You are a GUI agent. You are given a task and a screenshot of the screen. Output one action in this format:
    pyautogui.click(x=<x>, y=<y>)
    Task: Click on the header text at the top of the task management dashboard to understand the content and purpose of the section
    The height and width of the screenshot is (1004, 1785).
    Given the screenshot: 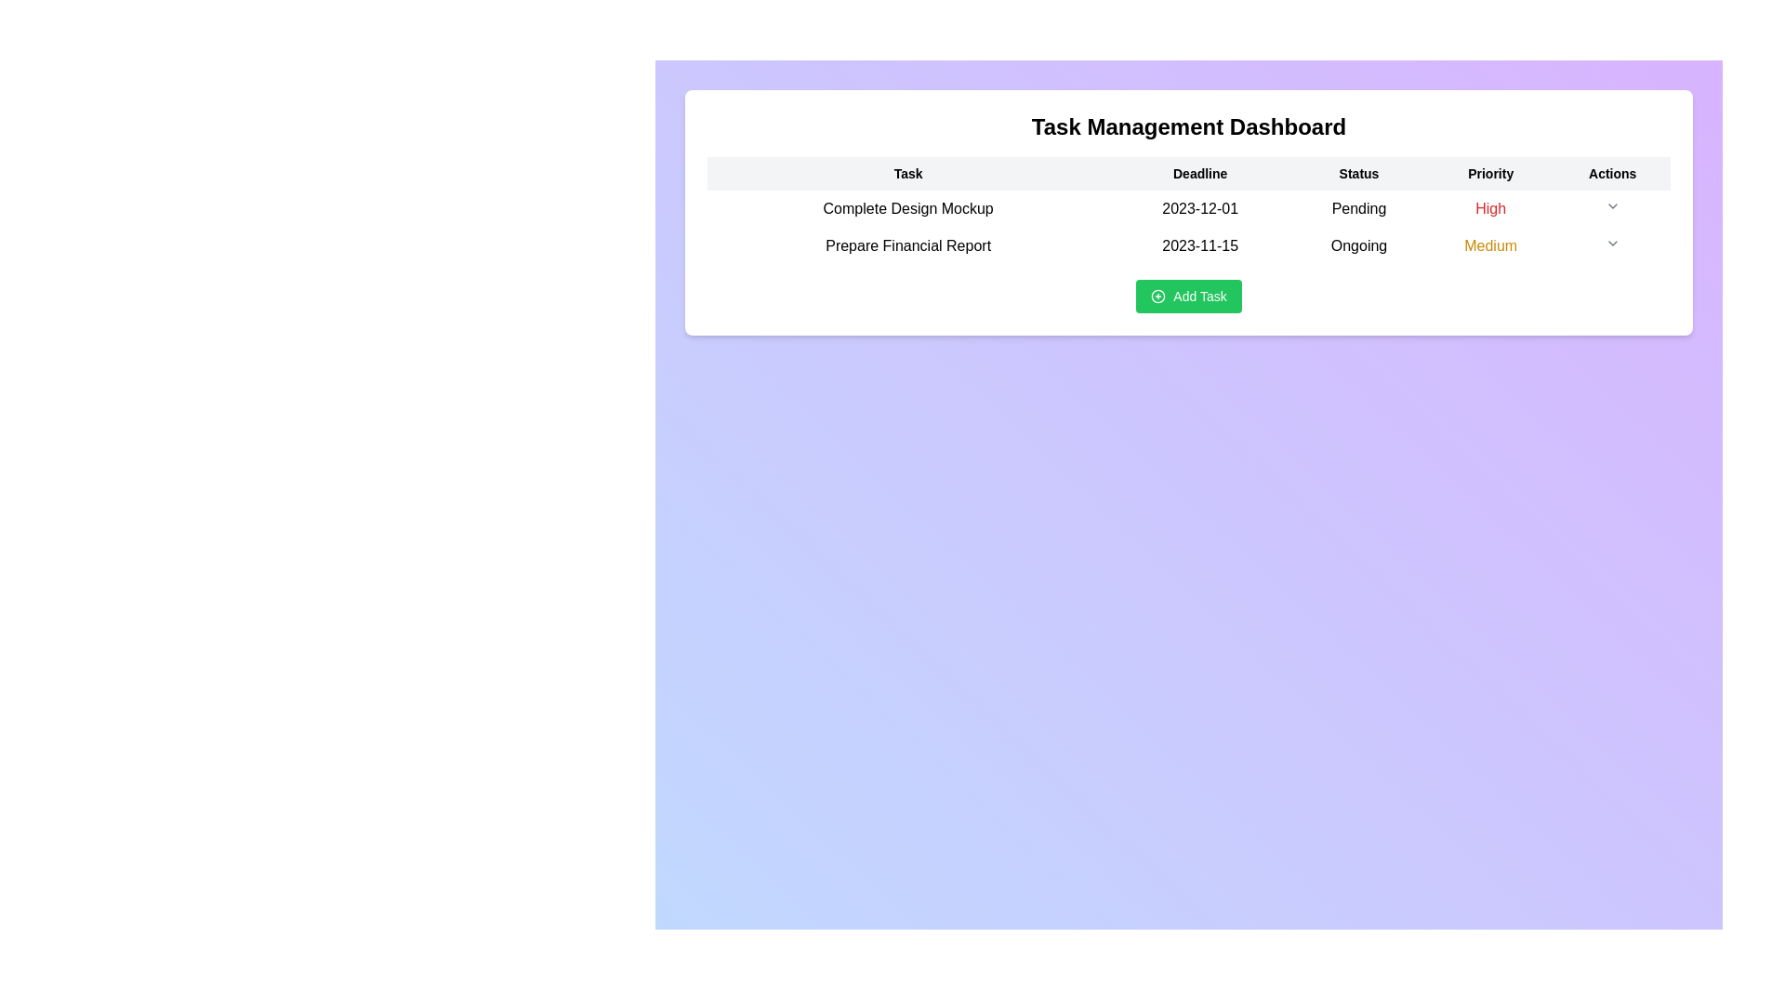 What is the action you would take?
    pyautogui.click(x=1187, y=126)
    